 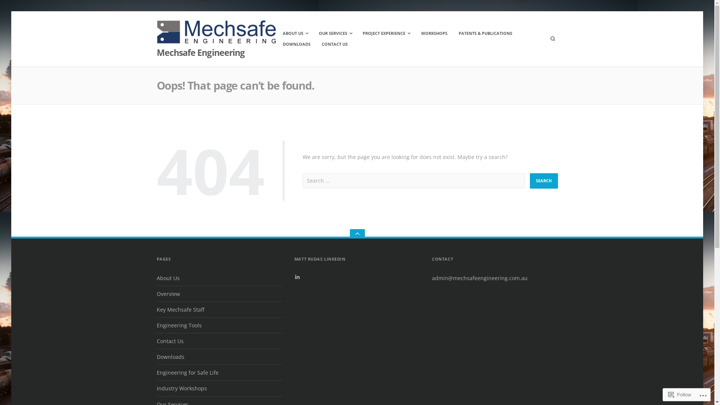 I want to click on 'PATENTS & PUBLICATIONS', so click(x=485, y=33).